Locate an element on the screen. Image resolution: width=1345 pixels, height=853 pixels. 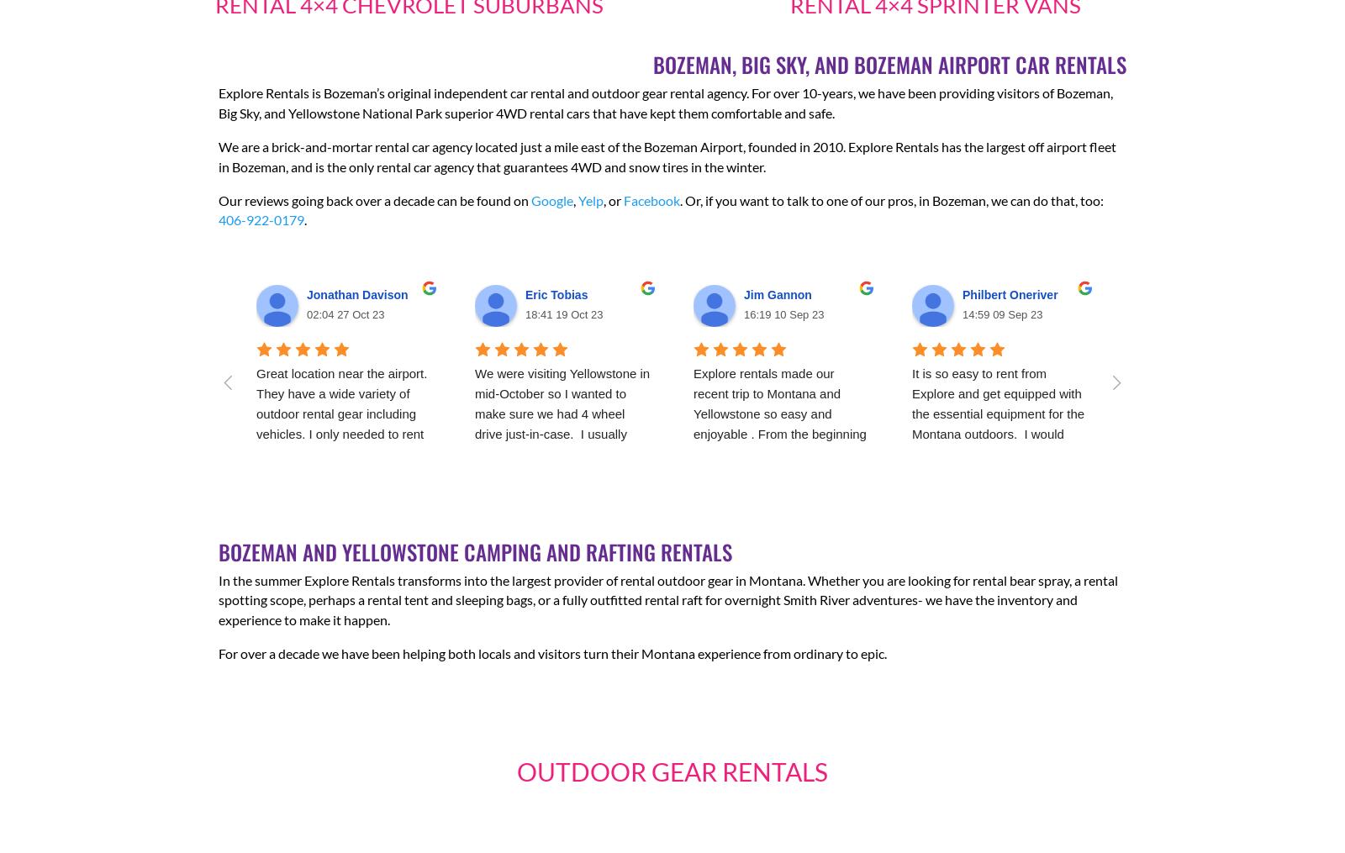
',' is located at coordinates (575, 199).